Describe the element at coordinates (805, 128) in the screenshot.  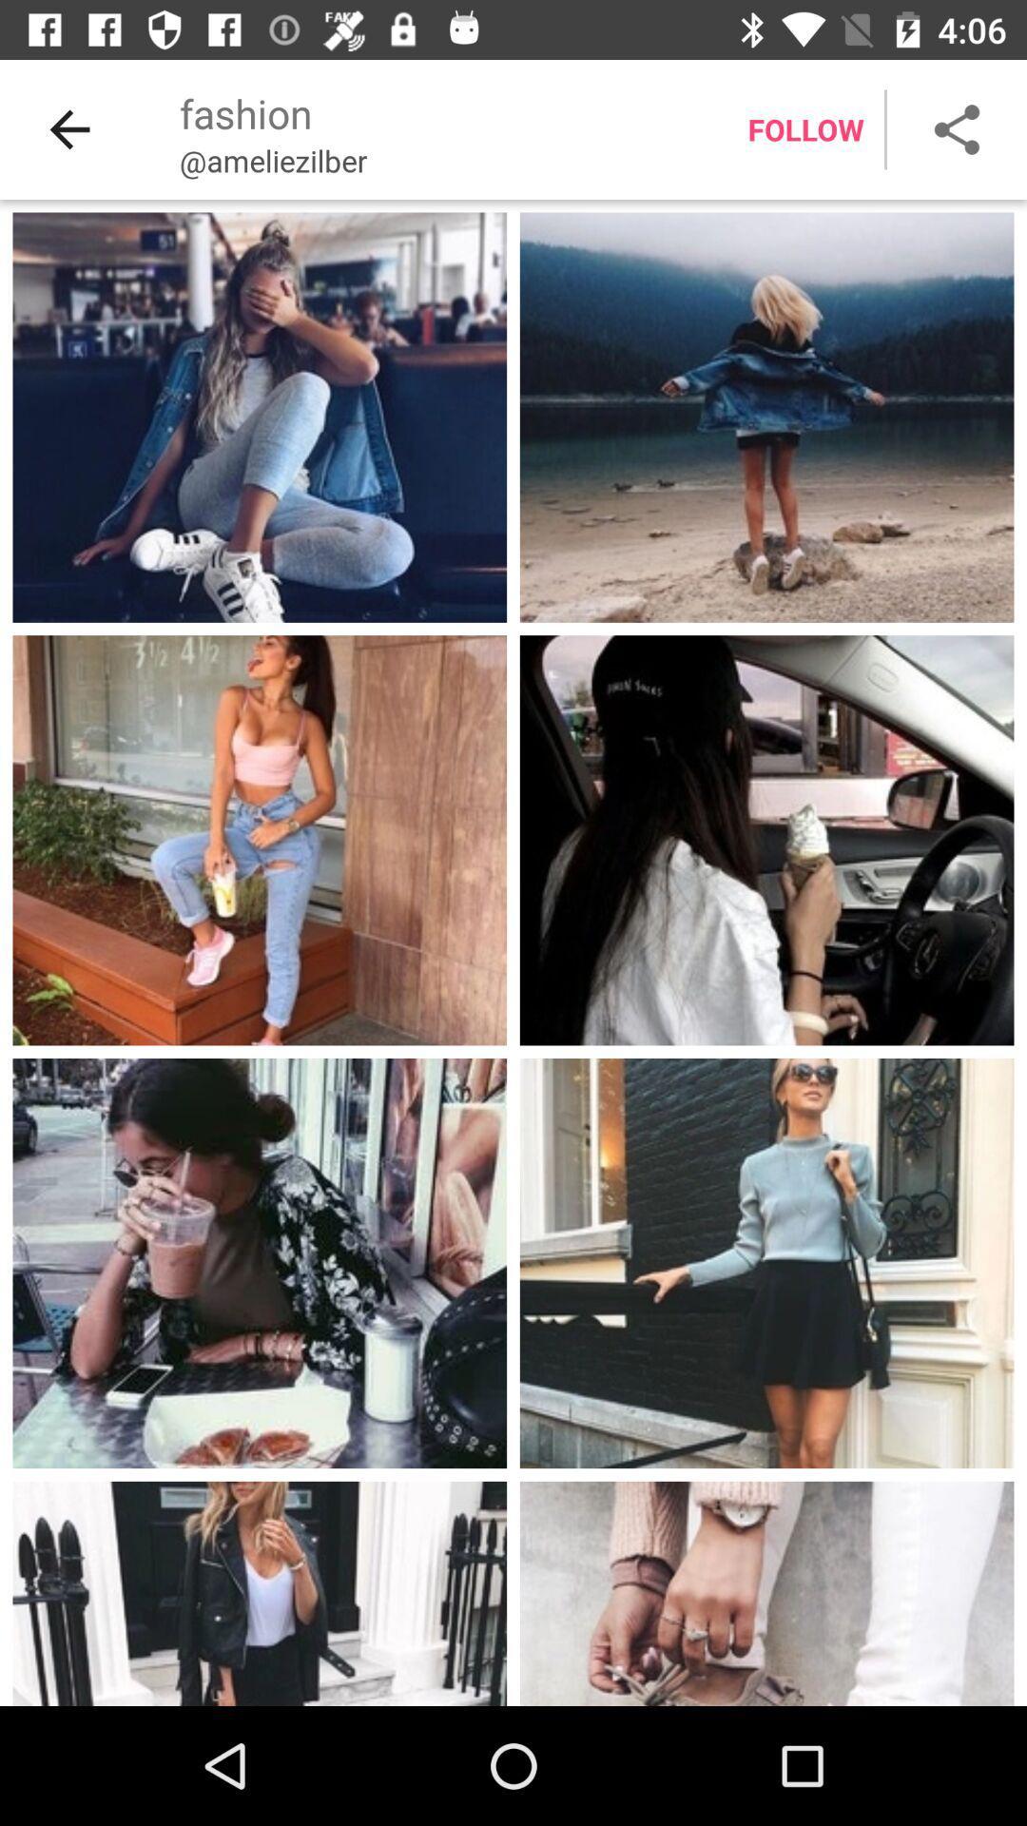
I see `follow item` at that location.